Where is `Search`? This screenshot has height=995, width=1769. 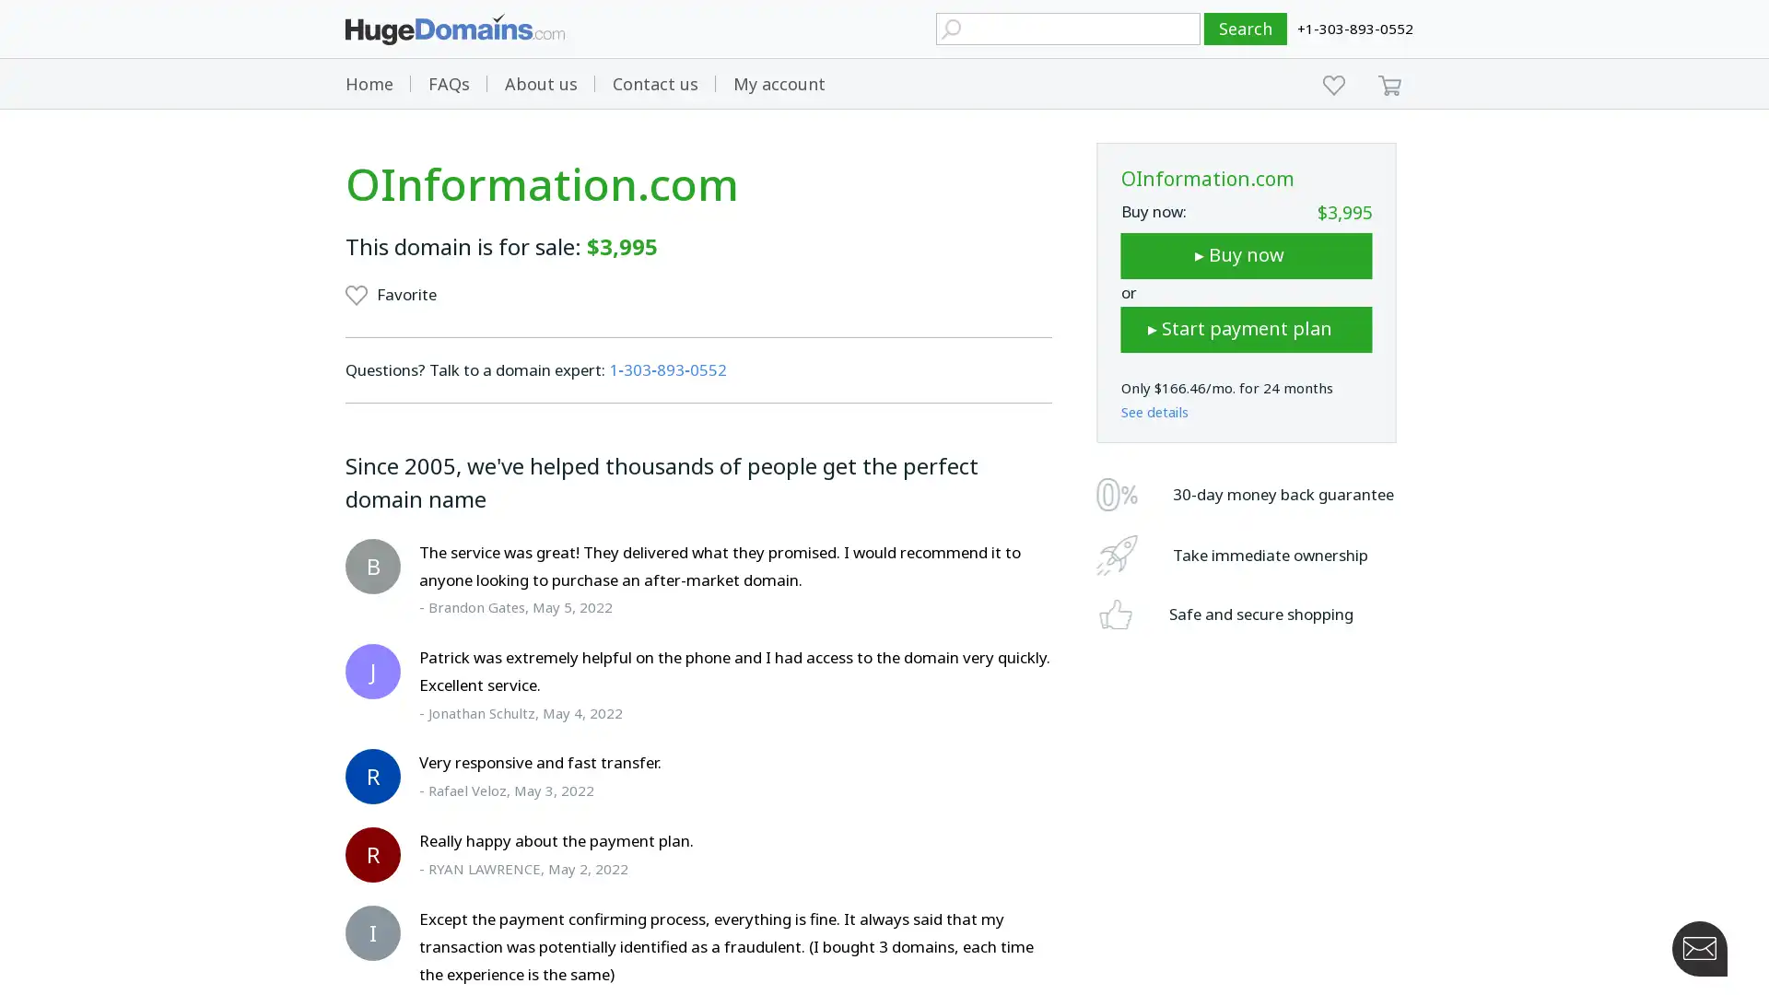
Search is located at coordinates (1246, 29).